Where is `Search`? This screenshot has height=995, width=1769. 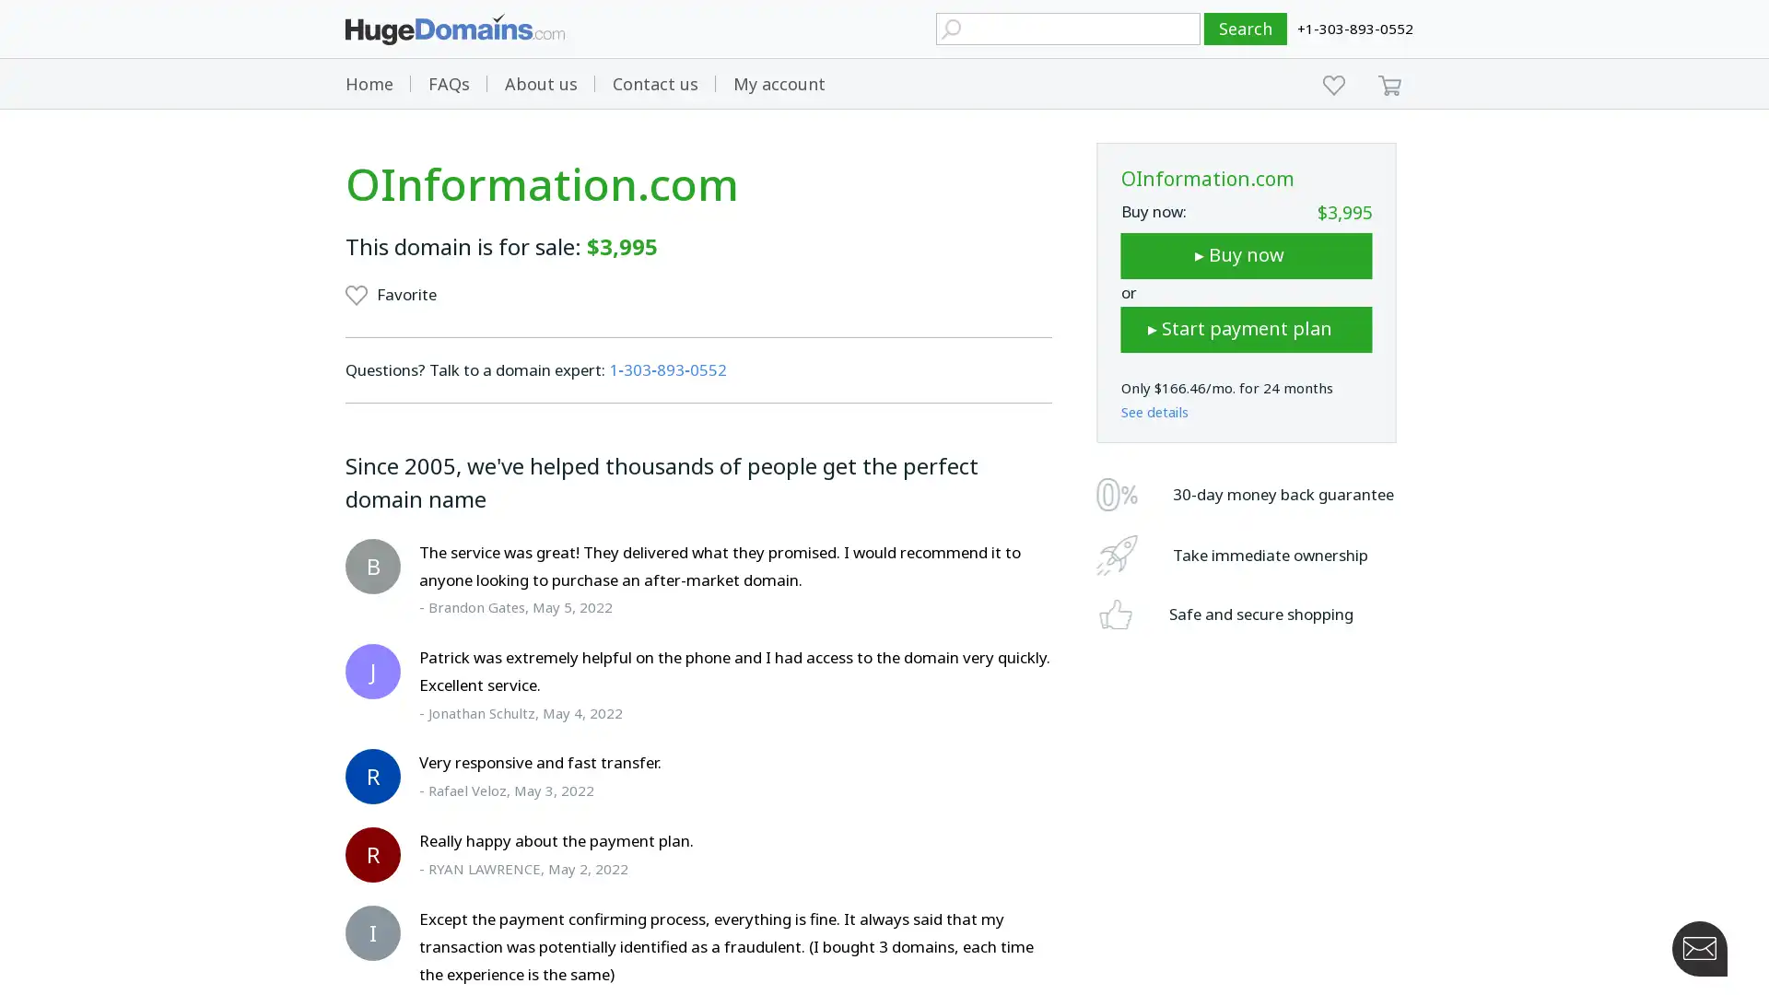
Search is located at coordinates (1246, 29).